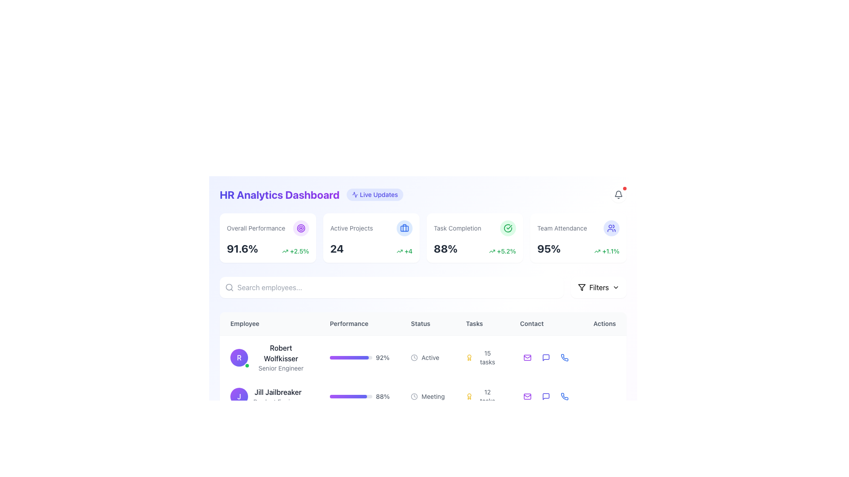 The image size is (849, 477). Describe the element at coordinates (404, 227) in the screenshot. I see `the blue suitcase icon, which is styled with a stroke outline and located within a circular blue background, to access the associated tools` at that location.